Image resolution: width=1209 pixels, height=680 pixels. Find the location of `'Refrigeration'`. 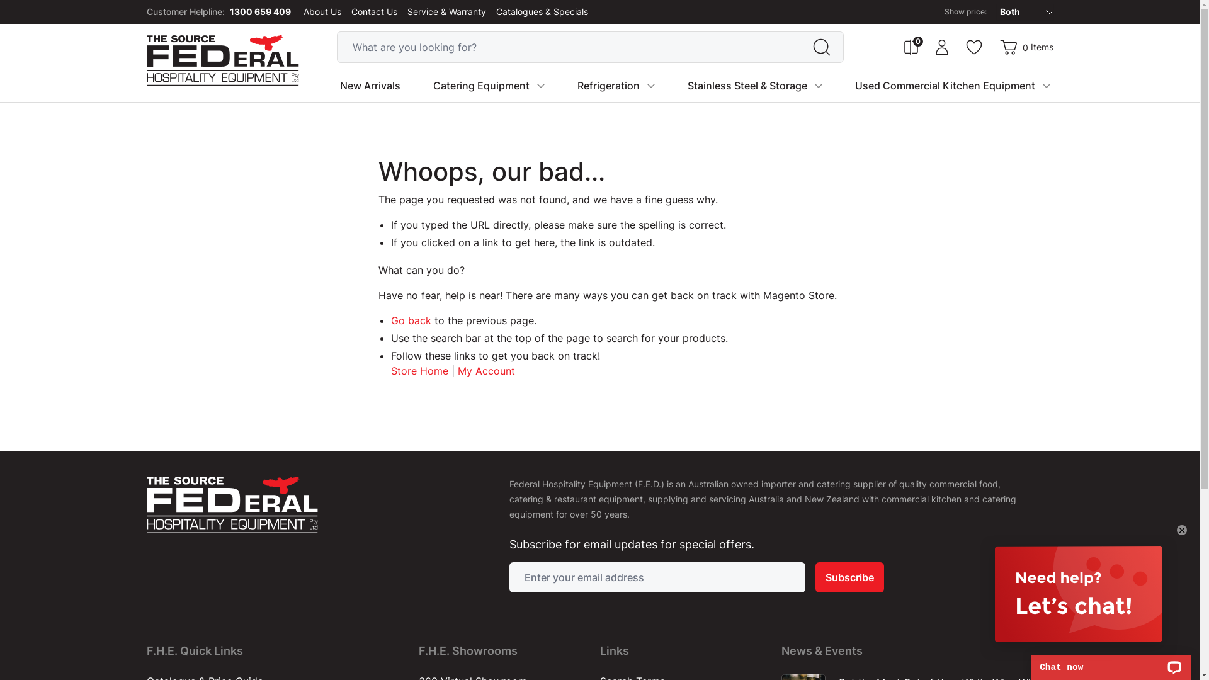

'Refrigeration' is located at coordinates (608, 85).